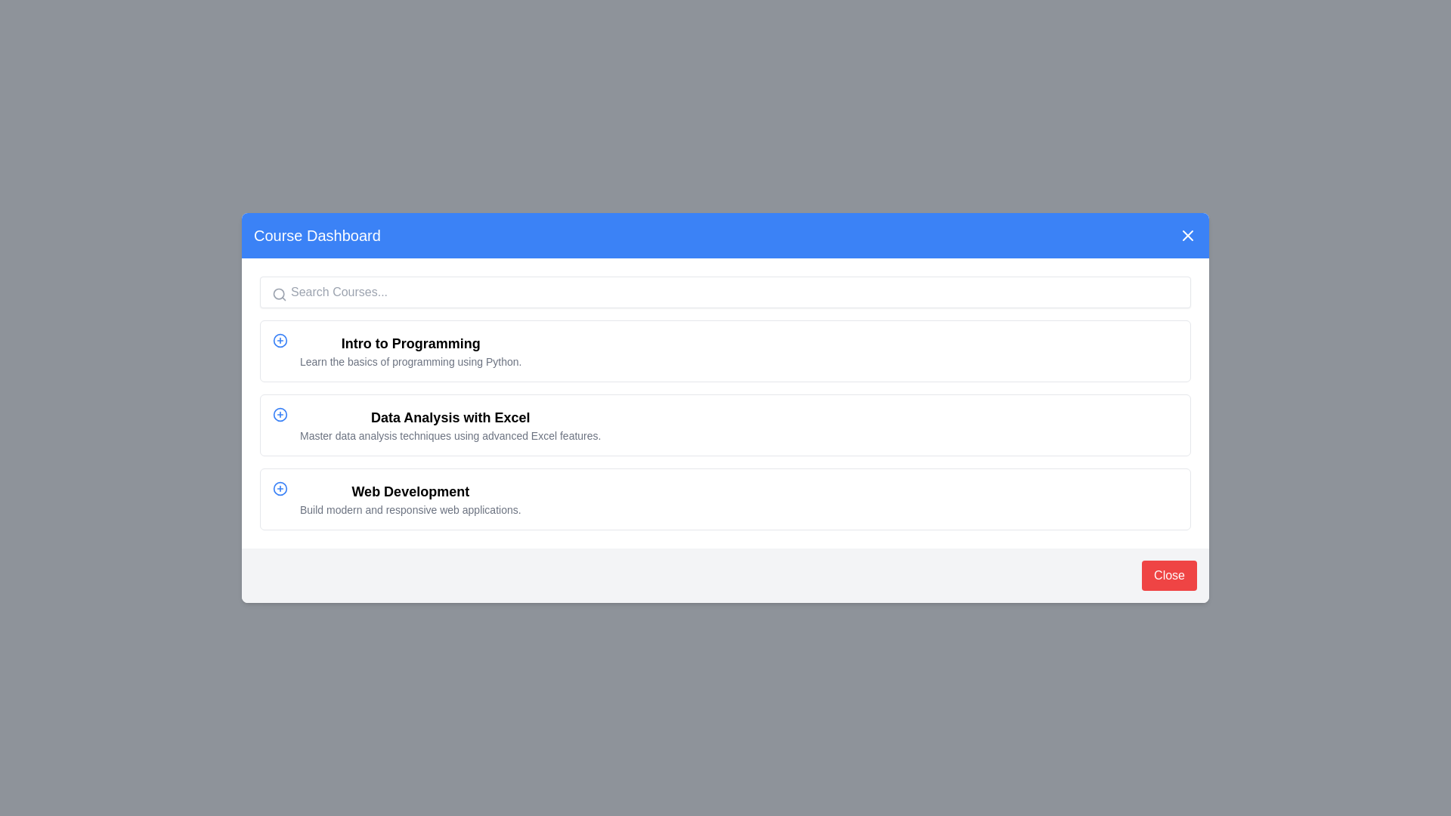 The width and height of the screenshot is (1451, 816). Describe the element at coordinates (724, 351) in the screenshot. I see `the first course card element in the dashboard interface` at that location.